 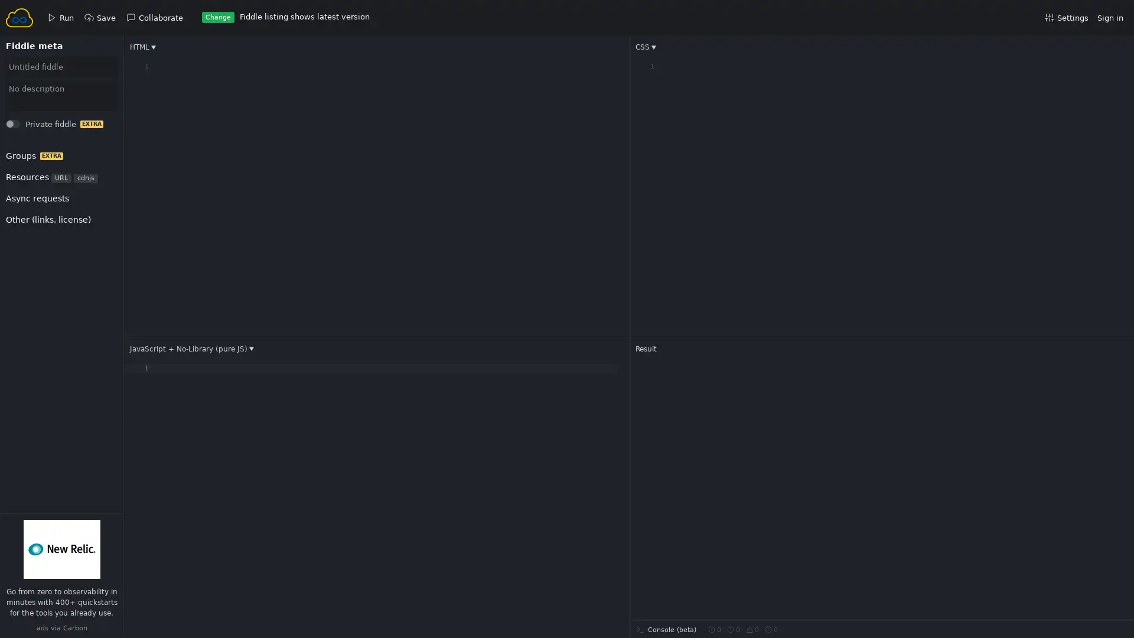 I want to click on Fork, so click(x=24, y=127).